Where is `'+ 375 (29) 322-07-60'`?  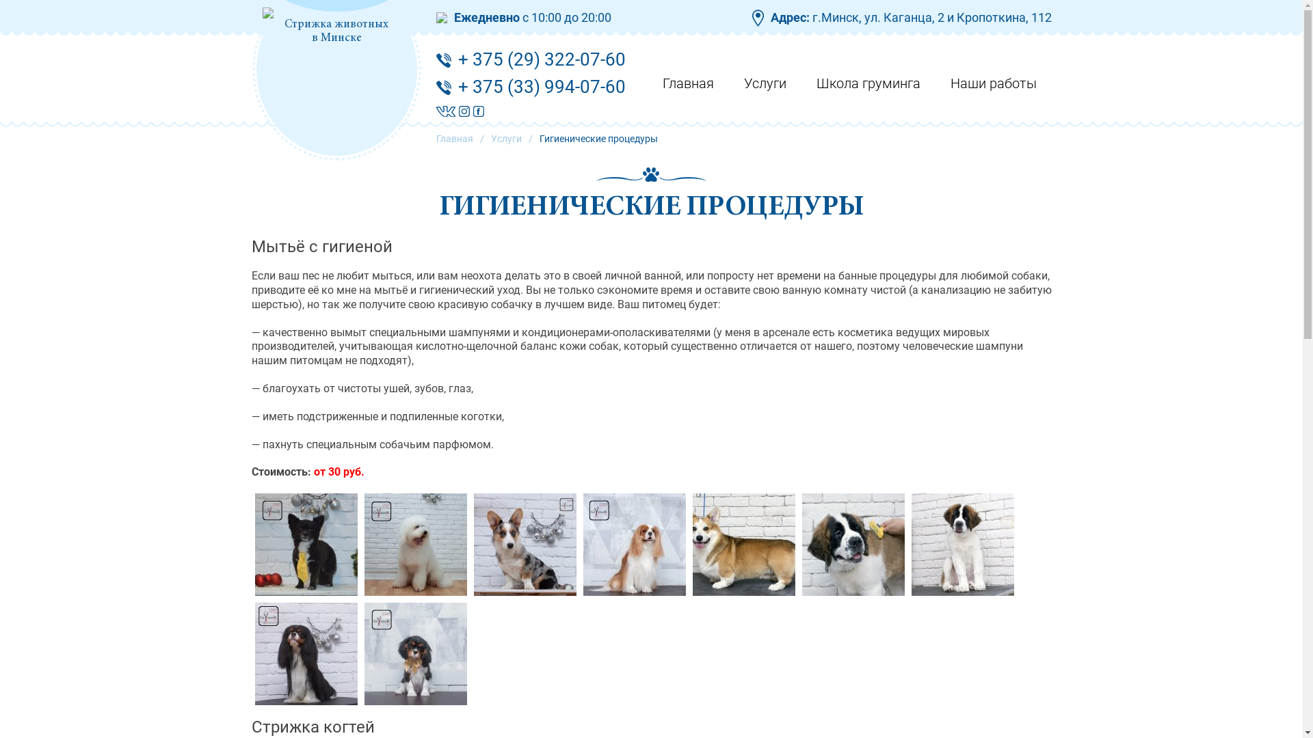
'+ 375 (29) 322-07-60' is located at coordinates (541, 59).